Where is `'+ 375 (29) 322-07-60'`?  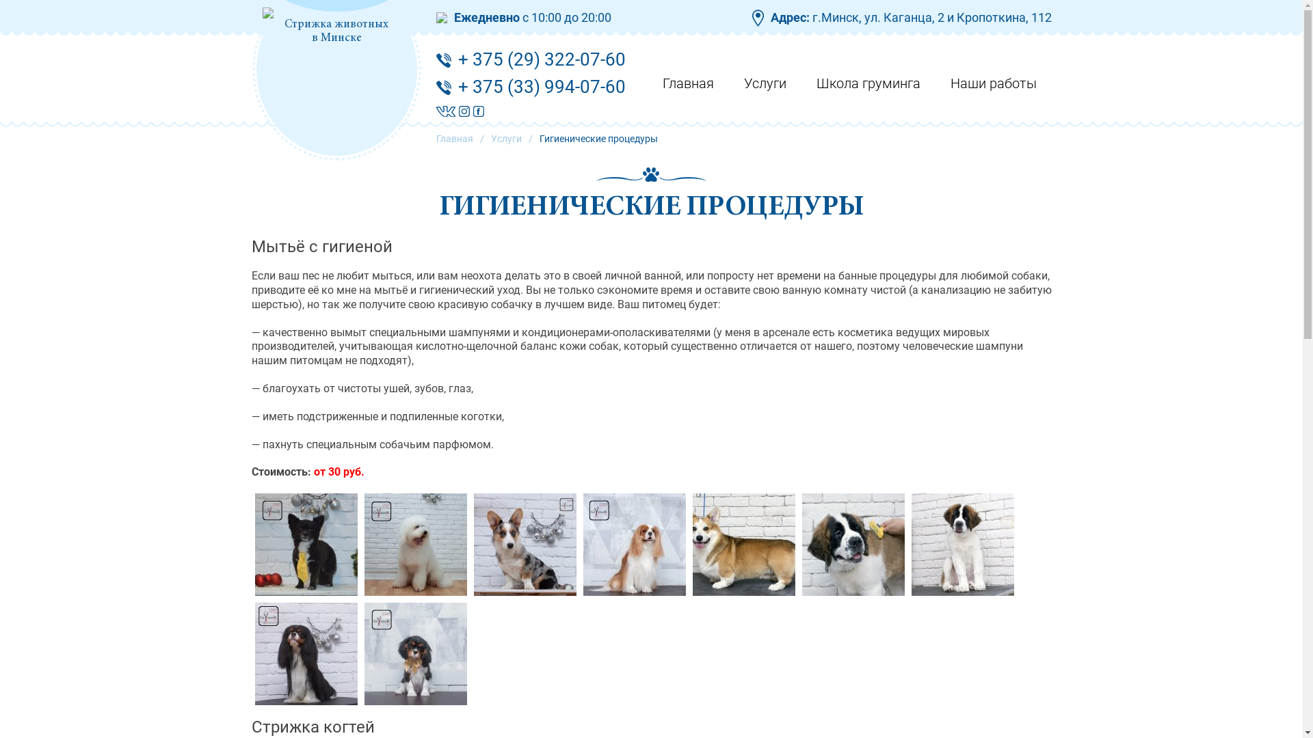
'+ 375 (29) 322-07-60' is located at coordinates (541, 59).